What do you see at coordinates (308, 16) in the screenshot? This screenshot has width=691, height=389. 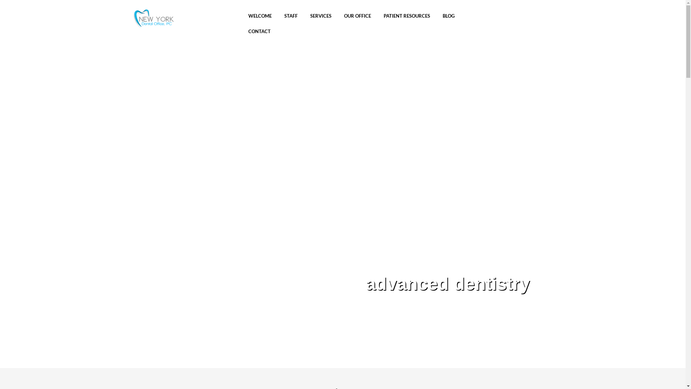 I see `'SERVICES'` at bounding box center [308, 16].